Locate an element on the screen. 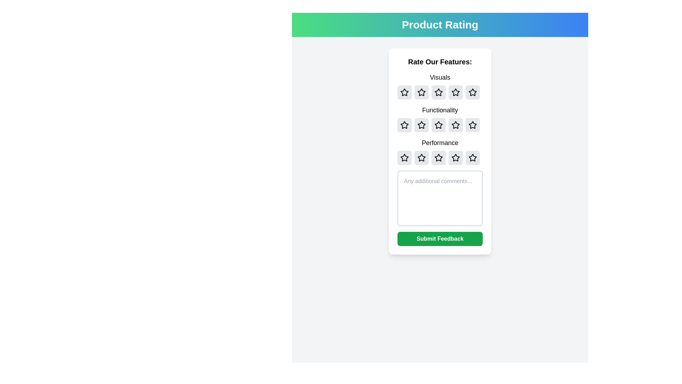  the first star-shaped Rating icon under the 'Performance' label is located at coordinates (404, 157).